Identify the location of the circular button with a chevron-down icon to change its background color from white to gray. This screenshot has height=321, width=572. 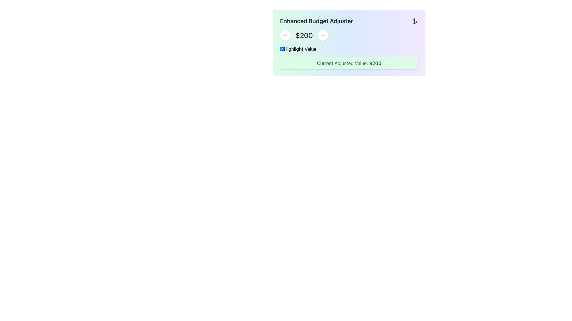
(285, 35).